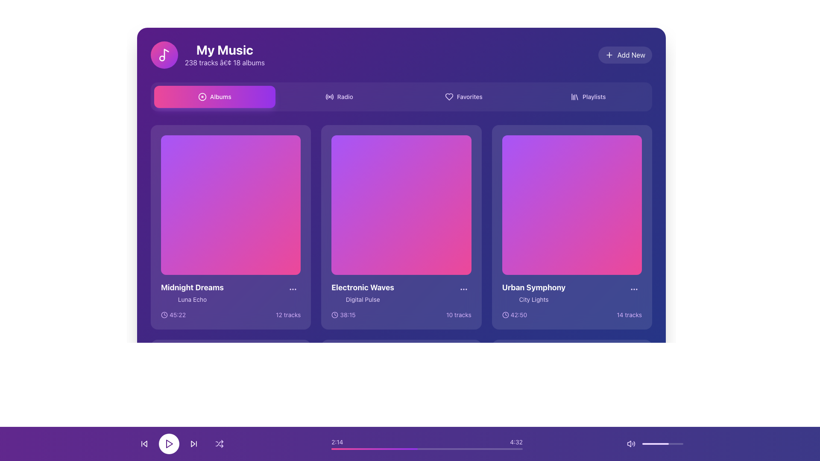 This screenshot has height=461, width=820. What do you see at coordinates (173, 315) in the screenshot?
I see `the Label with the clock icon displaying '45:22', which is styled with light purple on a dark purple background and is located beneath the album 'Midnight Dreams'` at bounding box center [173, 315].